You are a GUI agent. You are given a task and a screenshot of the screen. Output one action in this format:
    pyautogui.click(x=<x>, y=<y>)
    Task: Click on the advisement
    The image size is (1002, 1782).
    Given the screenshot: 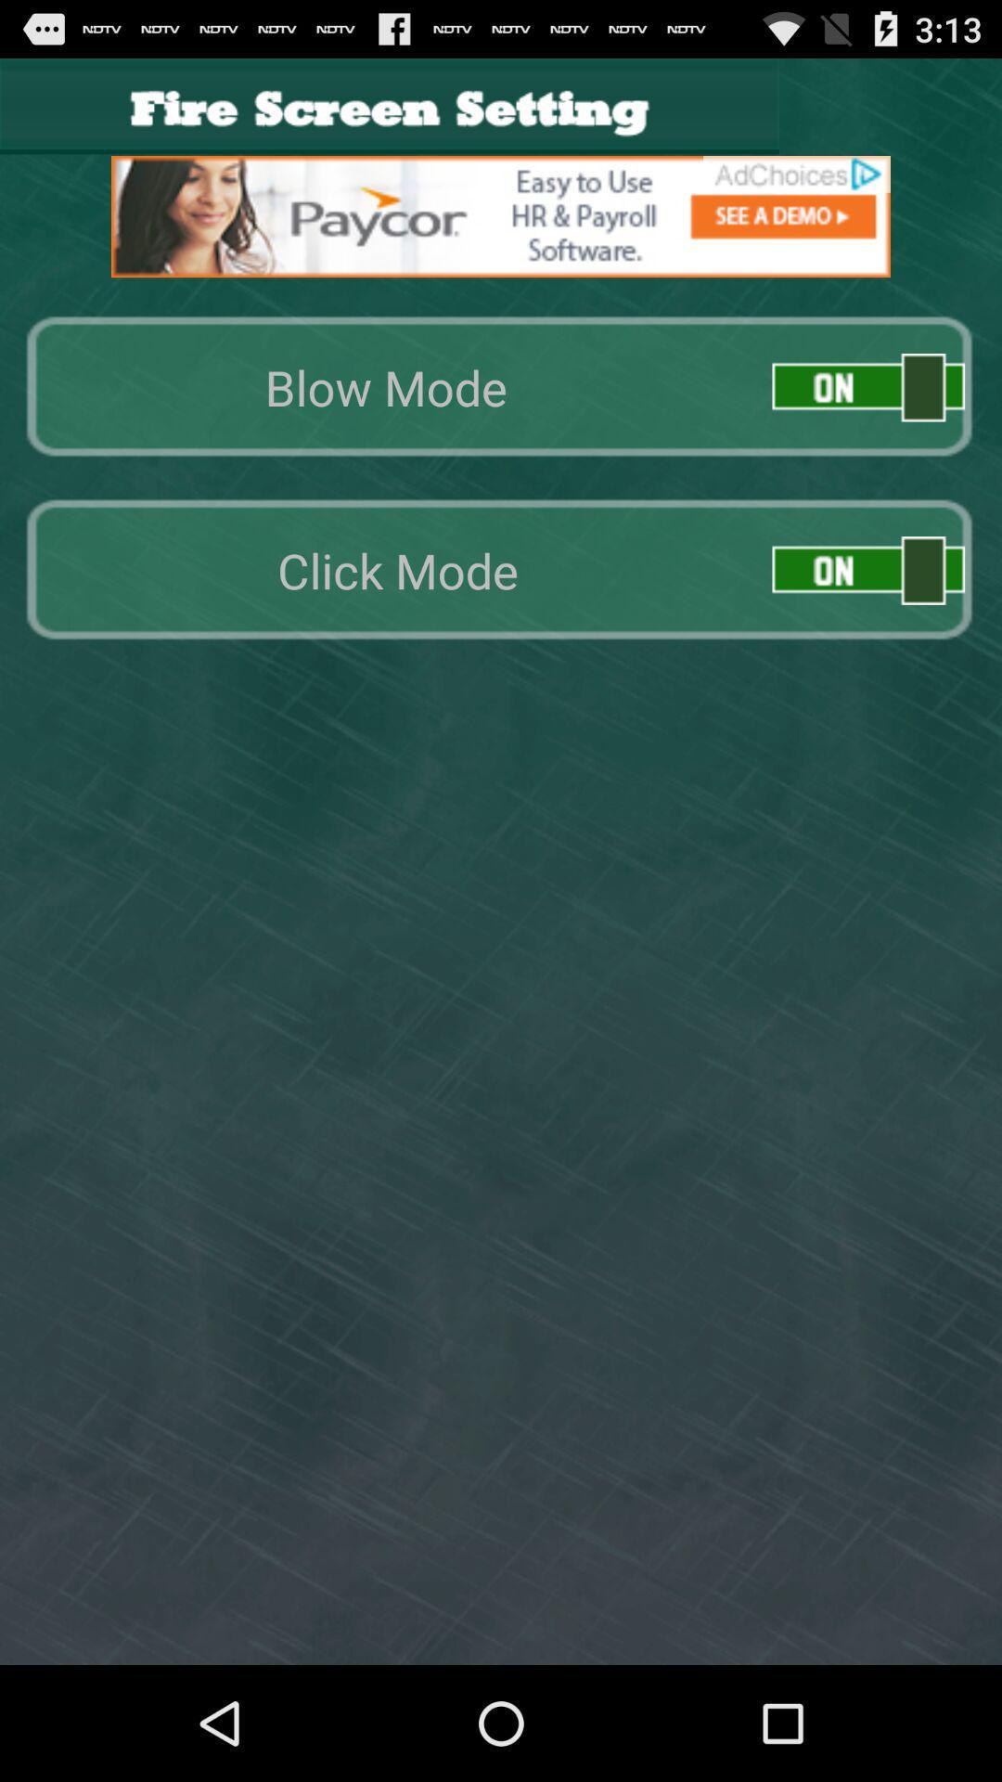 What is the action you would take?
    pyautogui.click(x=501, y=216)
    